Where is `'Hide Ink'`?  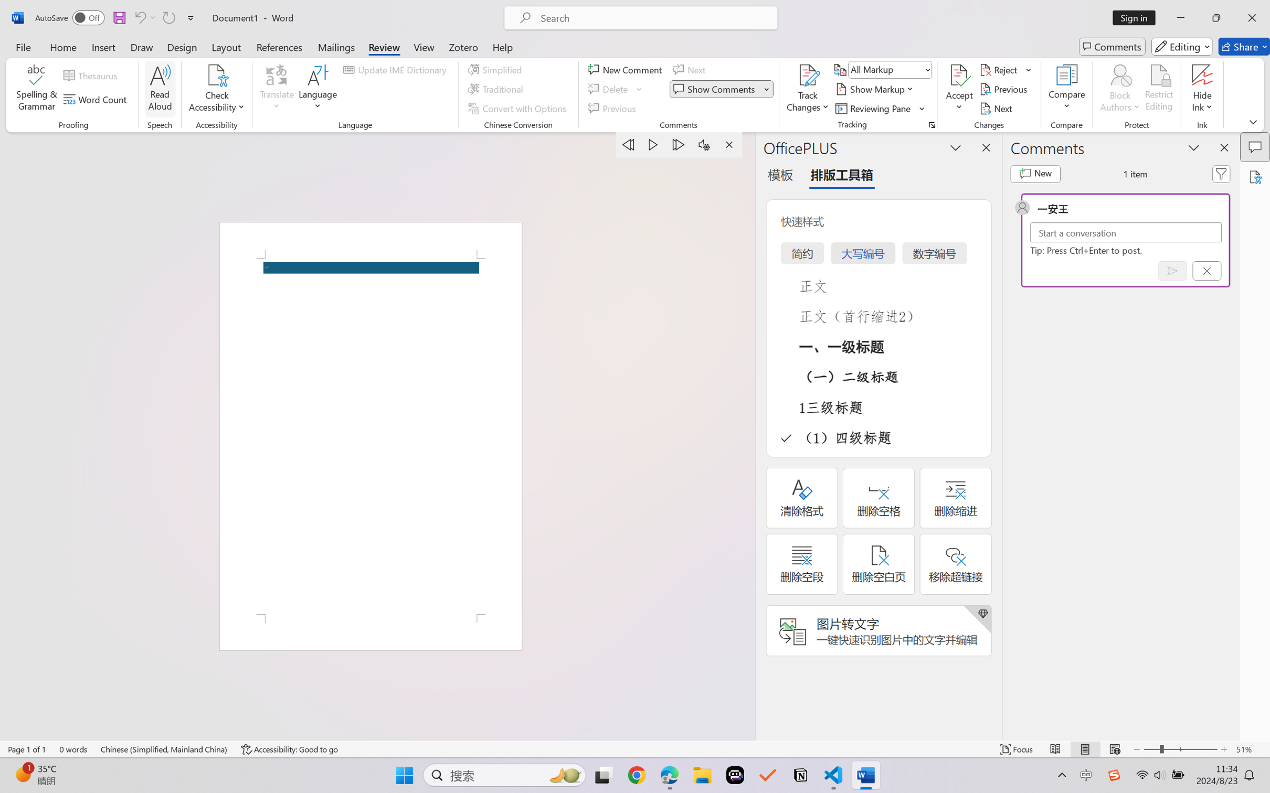
'Hide Ink' is located at coordinates (1202, 75).